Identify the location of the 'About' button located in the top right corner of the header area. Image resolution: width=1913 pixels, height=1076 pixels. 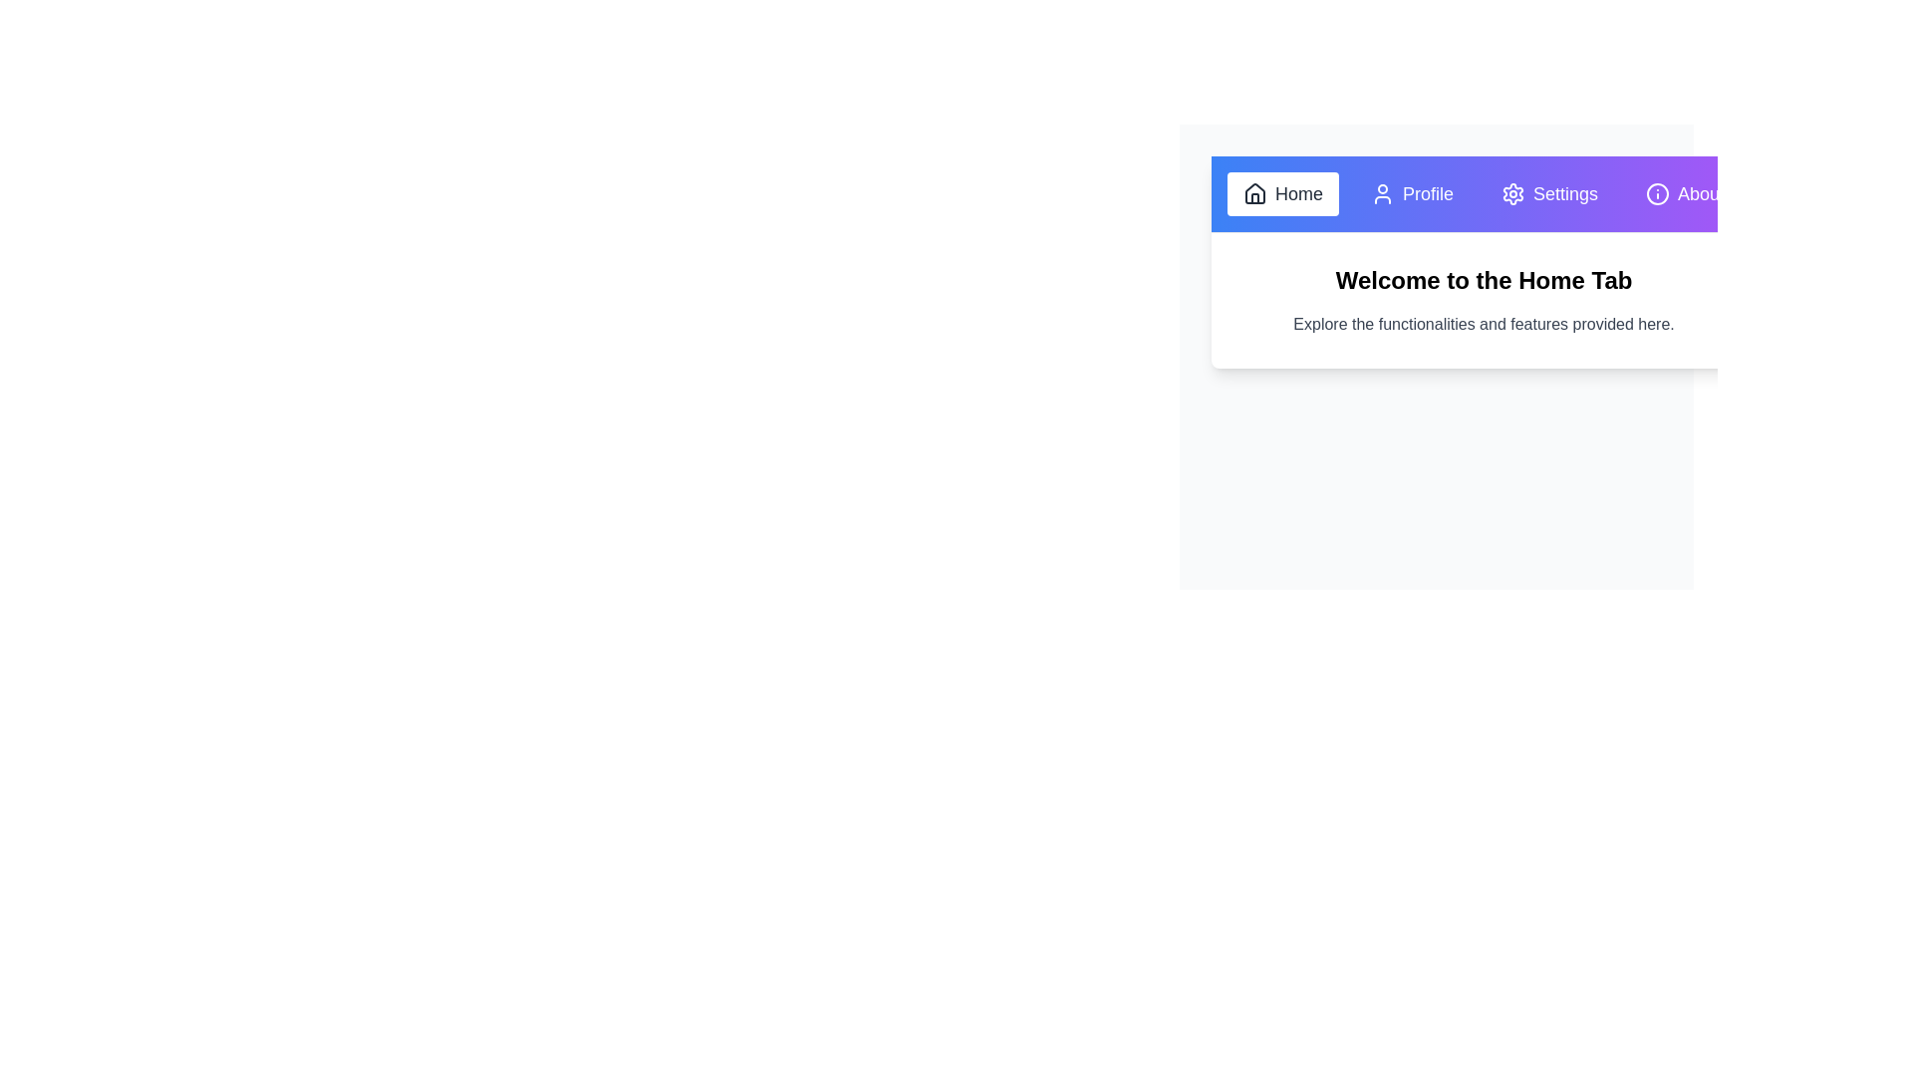
(1683, 194).